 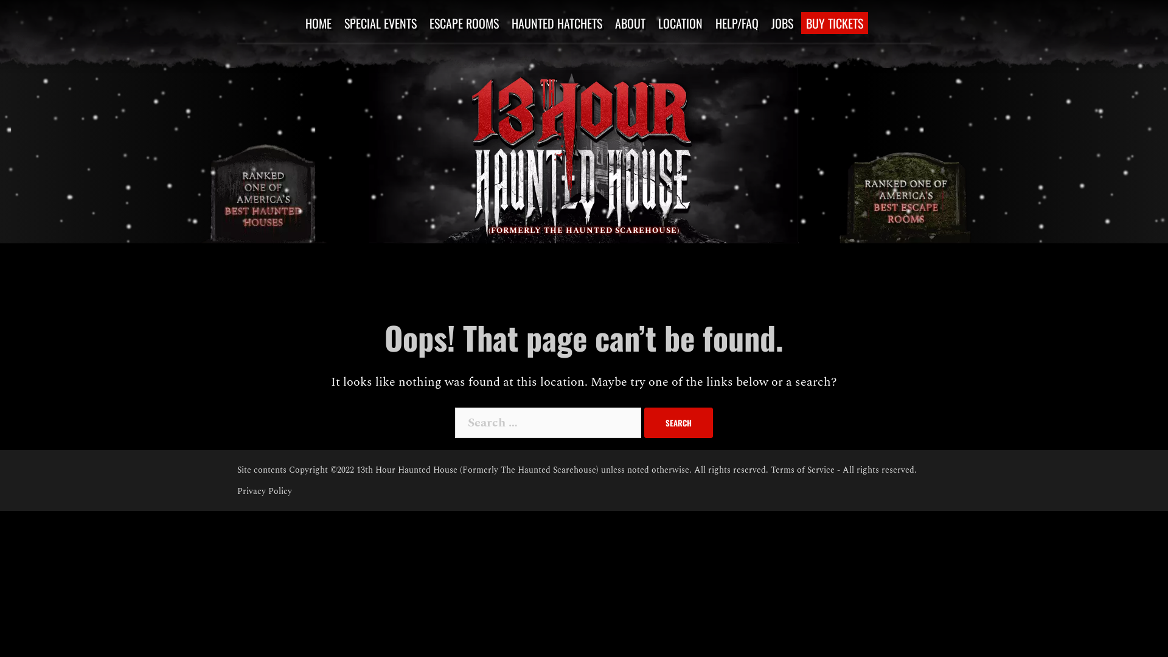 What do you see at coordinates (782, 23) in the screenshot?
I see `'JOBS'` at bounding box center [782, 23].